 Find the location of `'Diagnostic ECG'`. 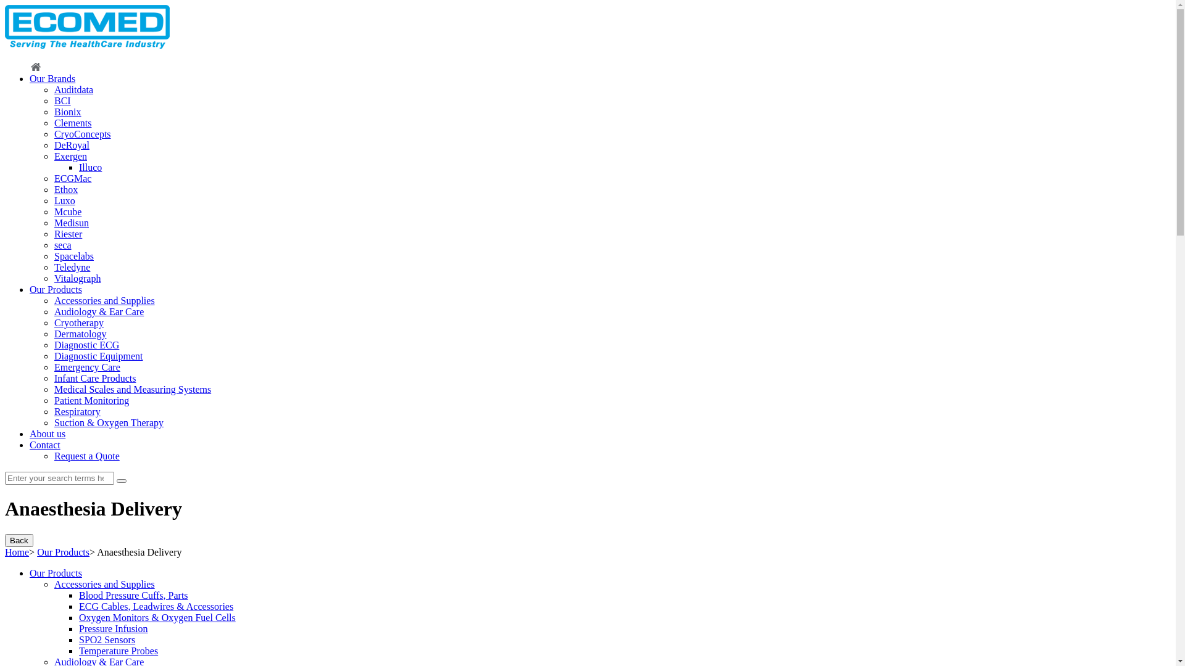

'Diagnostic ECG' is located at coordinates (86, 345).